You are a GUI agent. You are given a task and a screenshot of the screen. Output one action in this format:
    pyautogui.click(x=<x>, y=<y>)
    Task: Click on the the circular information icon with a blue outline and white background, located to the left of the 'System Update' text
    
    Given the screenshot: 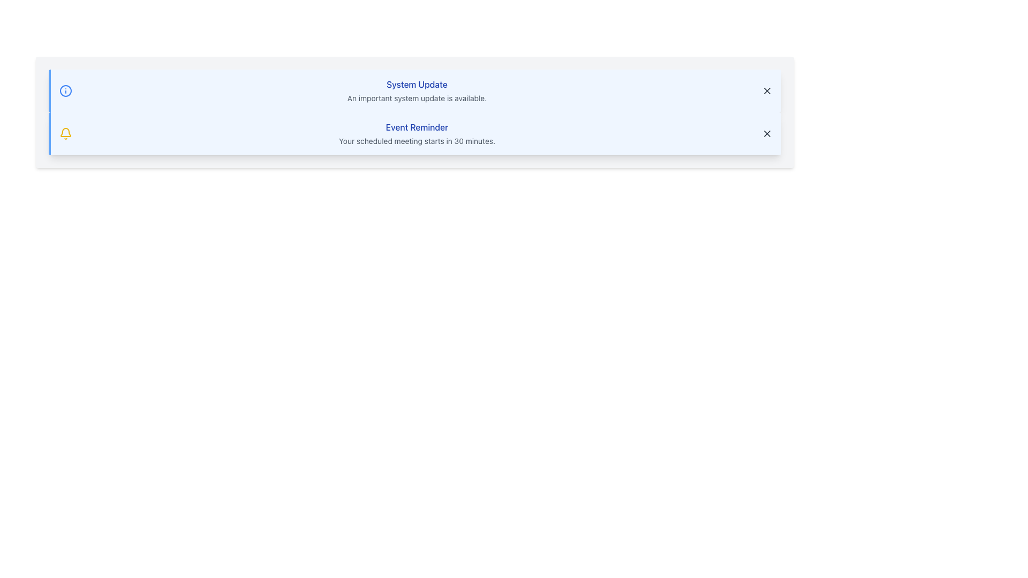 What is the action you would take?
    pyautogui.click(x=65, y=90)
    